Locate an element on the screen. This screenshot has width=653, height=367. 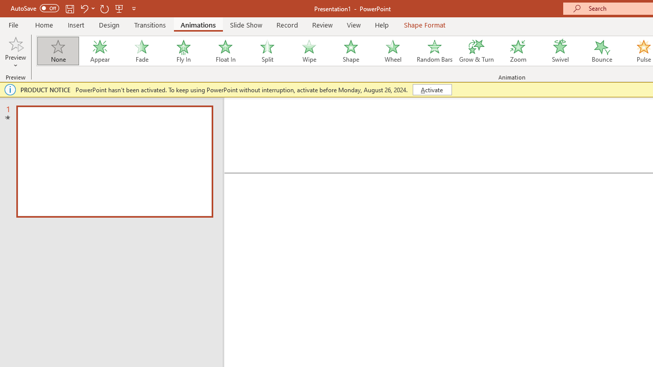
'None' is located at coordinates (57, 51).